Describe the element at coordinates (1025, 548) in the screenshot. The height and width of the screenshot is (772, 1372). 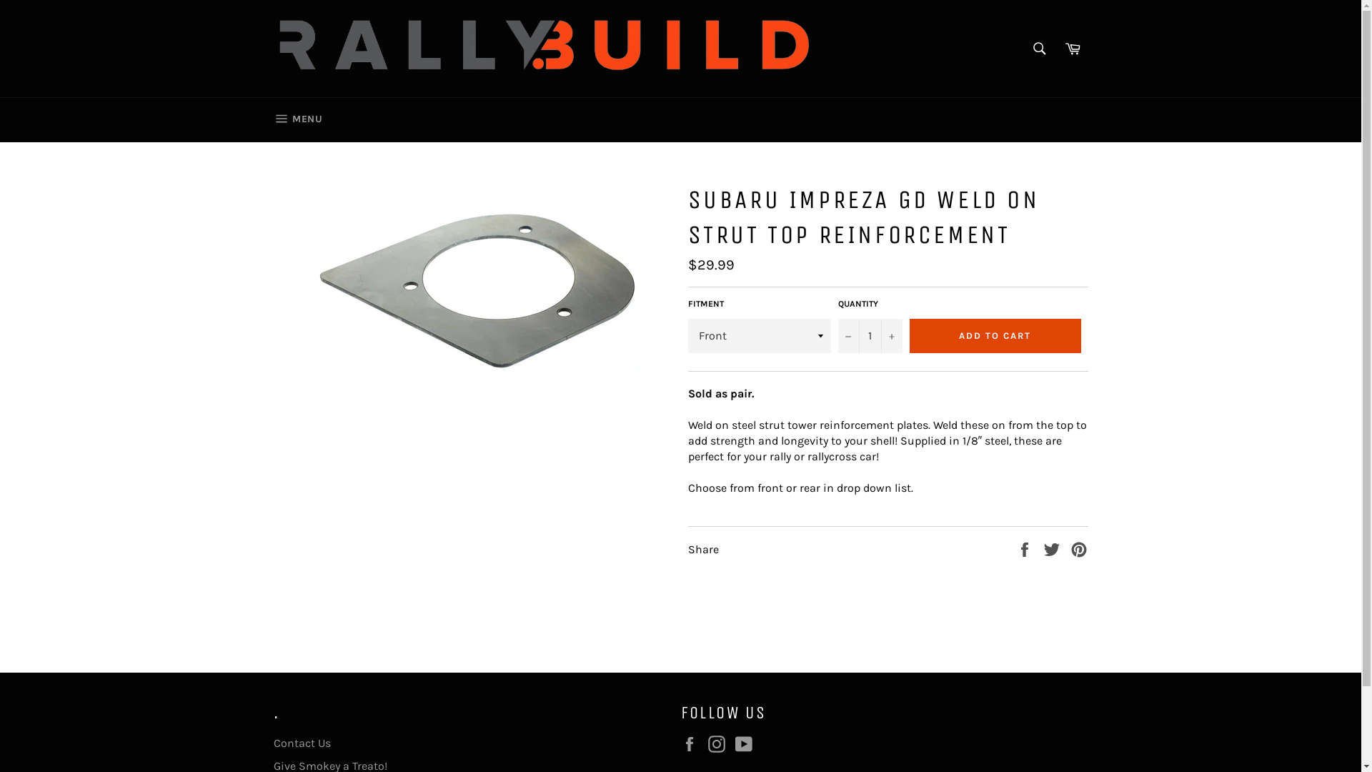
I see `'Share on Facebook'` at that location.